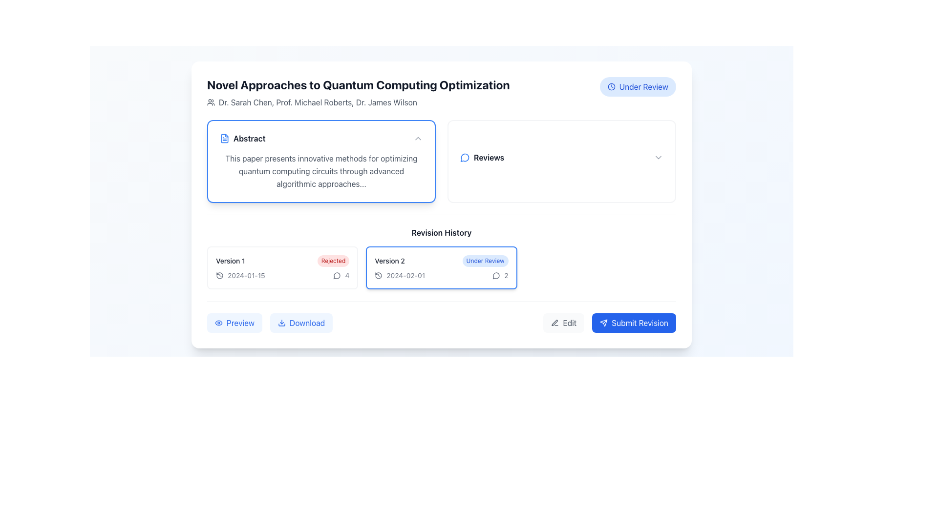 The width and height of the screenshot is (938, 527). What do you see at coordinates (441, 261) in the screenshot?
I see `topmost Text Label in the second revision block of the 'Revision History' section, which indicates the revision number and its current review status` at bounding box center [441, 261].